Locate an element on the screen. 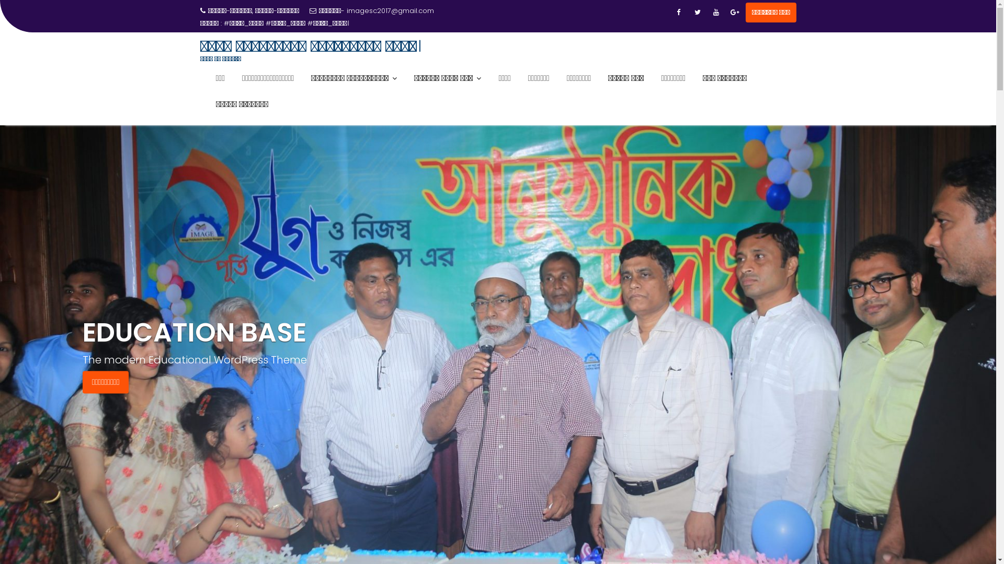  'Youtube' is located at coordinates (715, 12).